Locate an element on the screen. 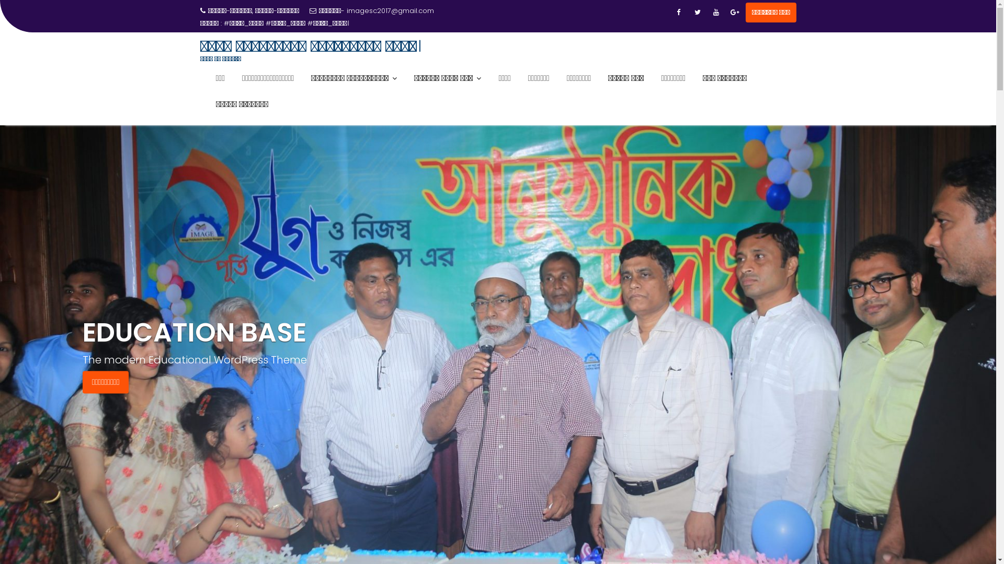  'Youtube' is located at coordinates (715, 12).